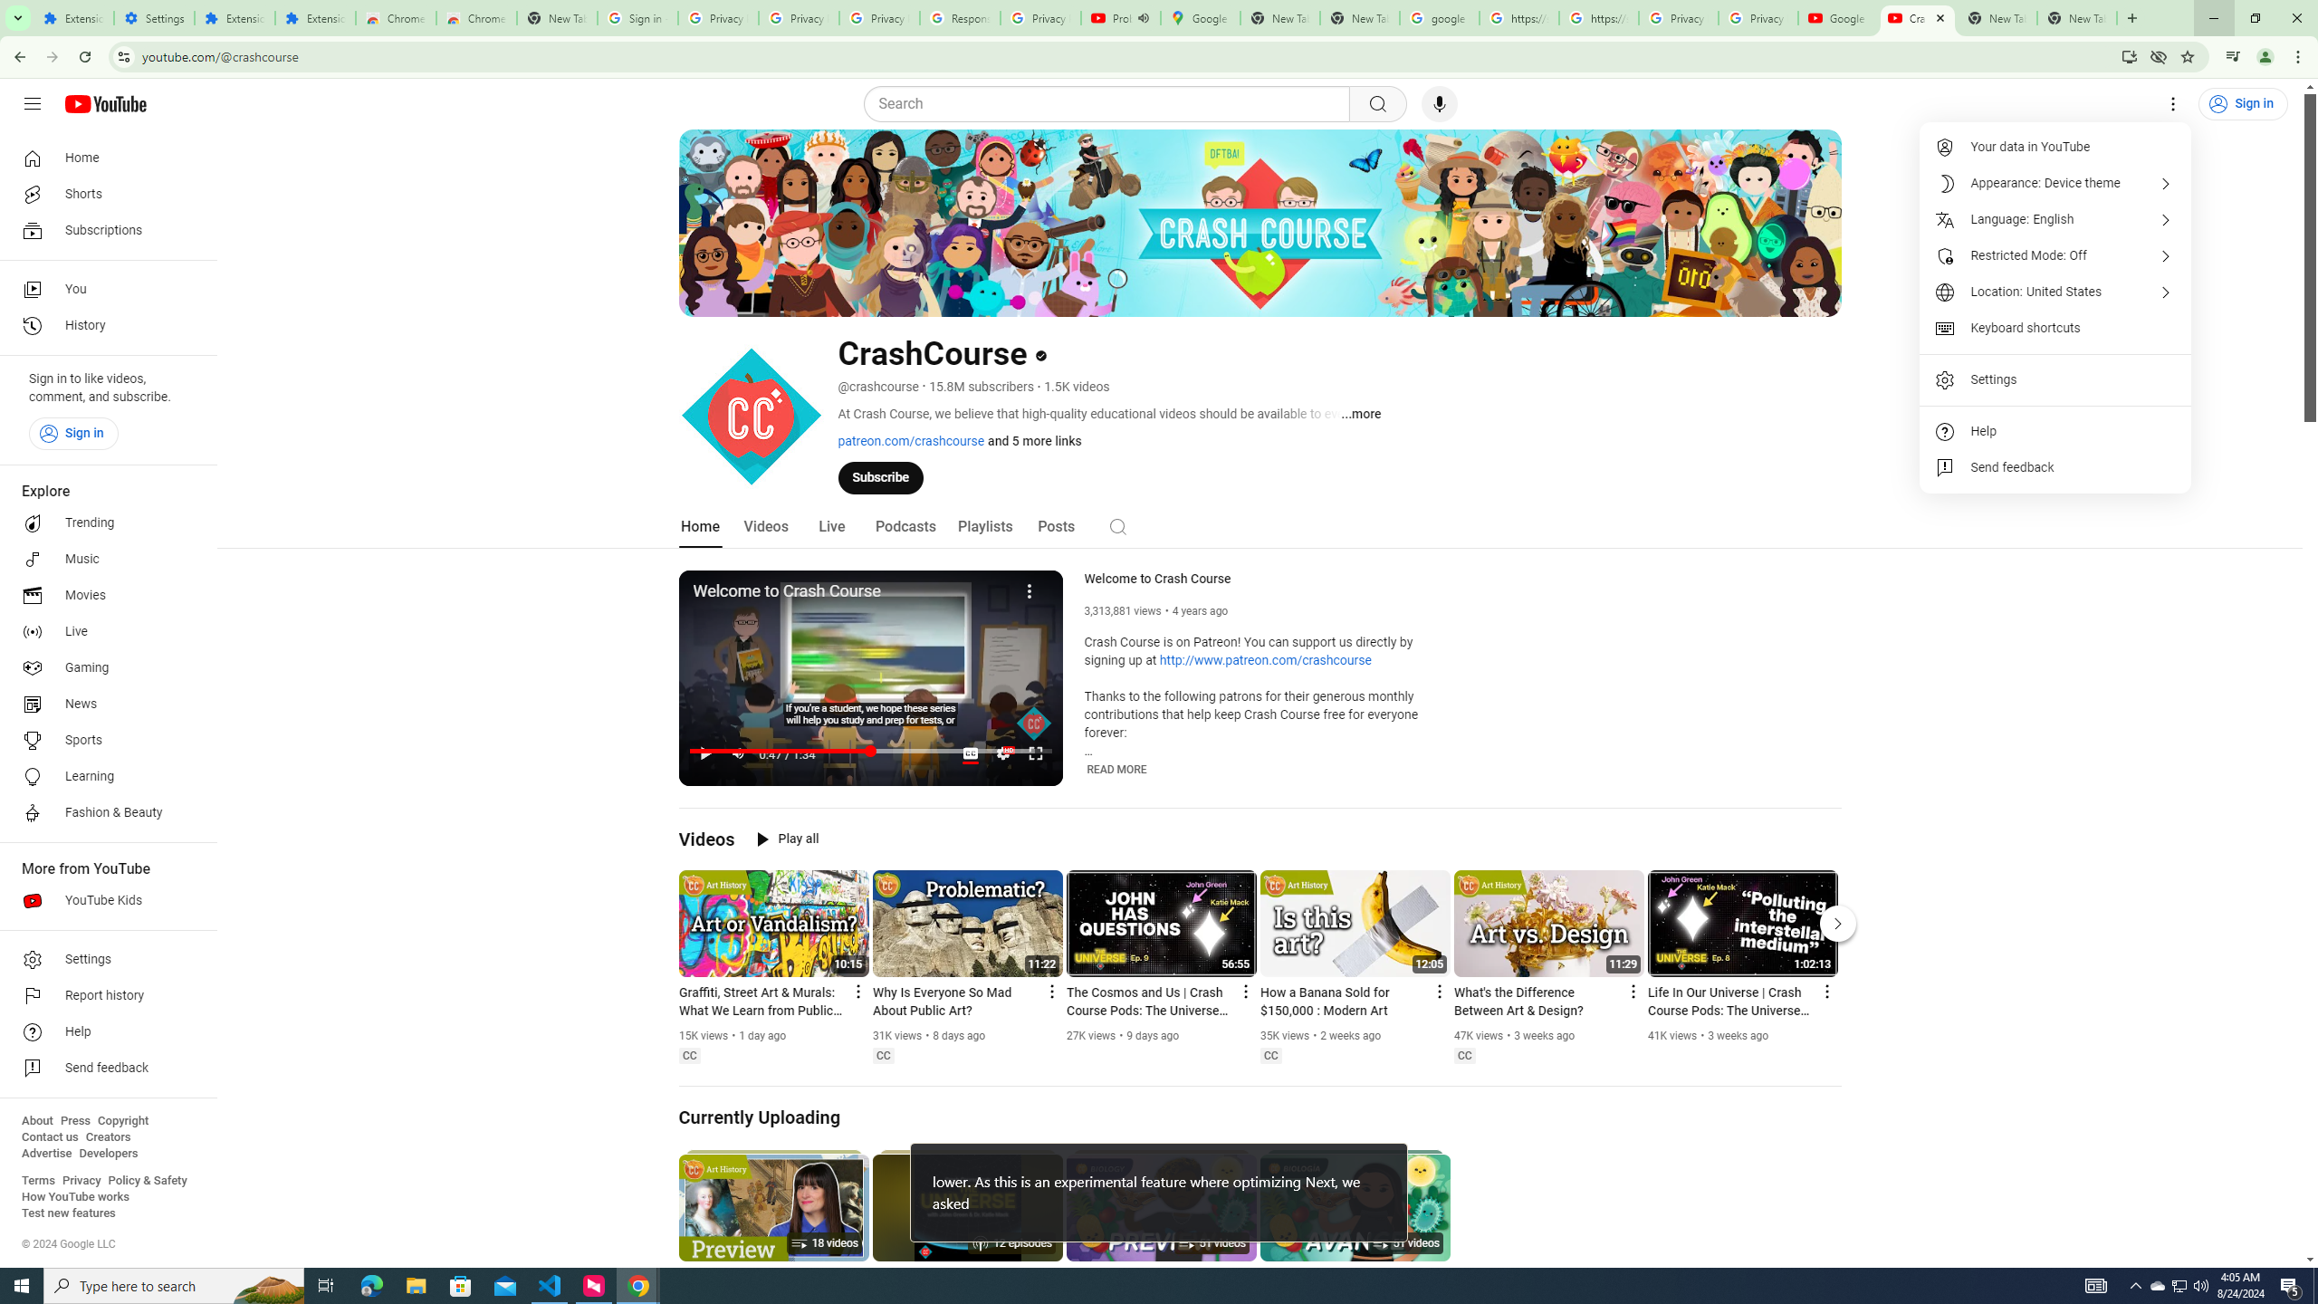  Describe the element at coordinates (102, 739) in the screenshot. I see `'Sports'` at that location.